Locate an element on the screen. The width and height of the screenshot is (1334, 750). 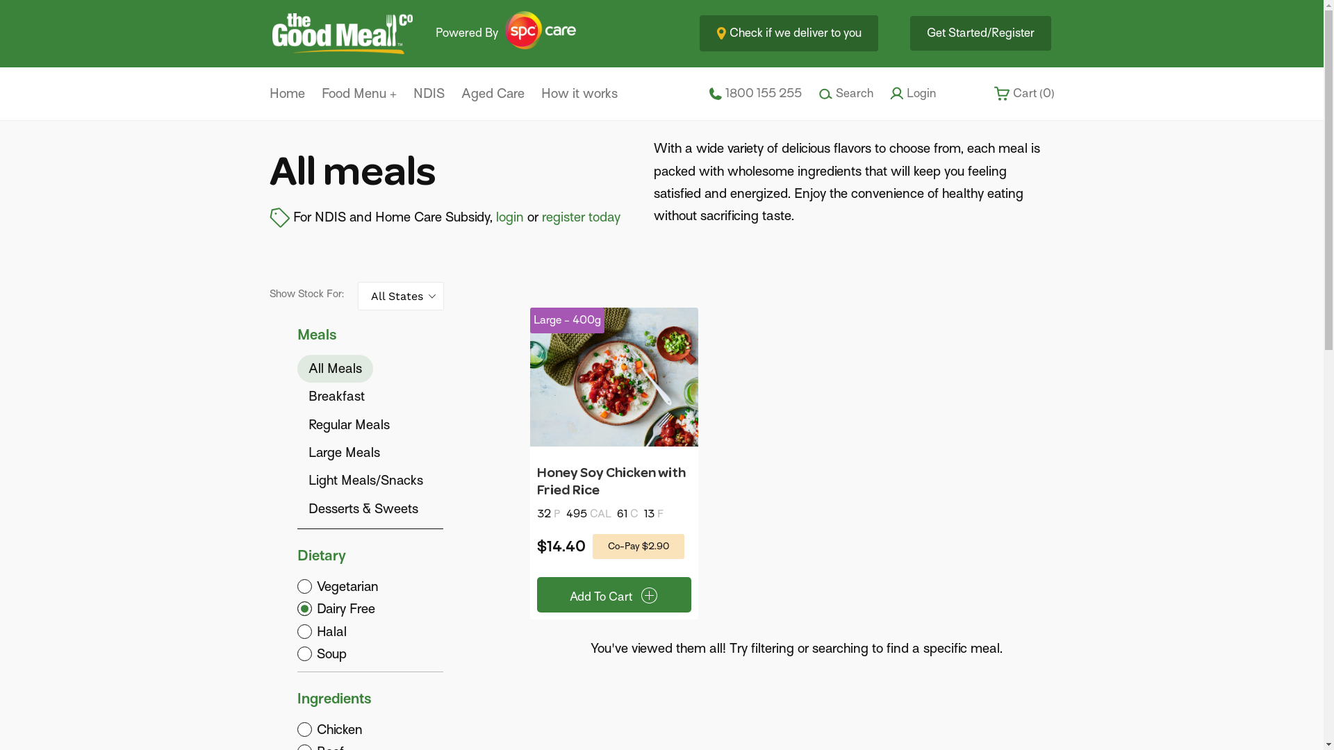
'Search' is located at coordinates (818, 94).